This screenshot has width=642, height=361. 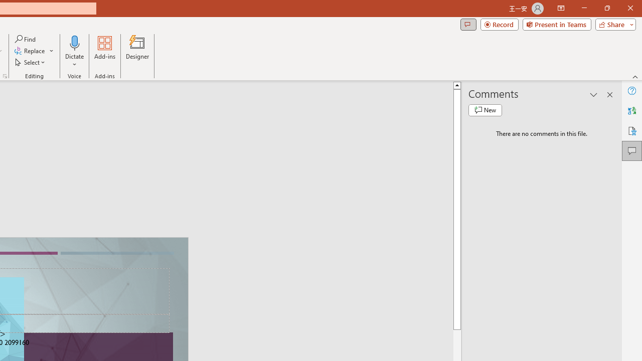 What do you see at coordinates (5, 75) in the screenshot?
I see `'Format Object...'` at bounding box center [5, 75].